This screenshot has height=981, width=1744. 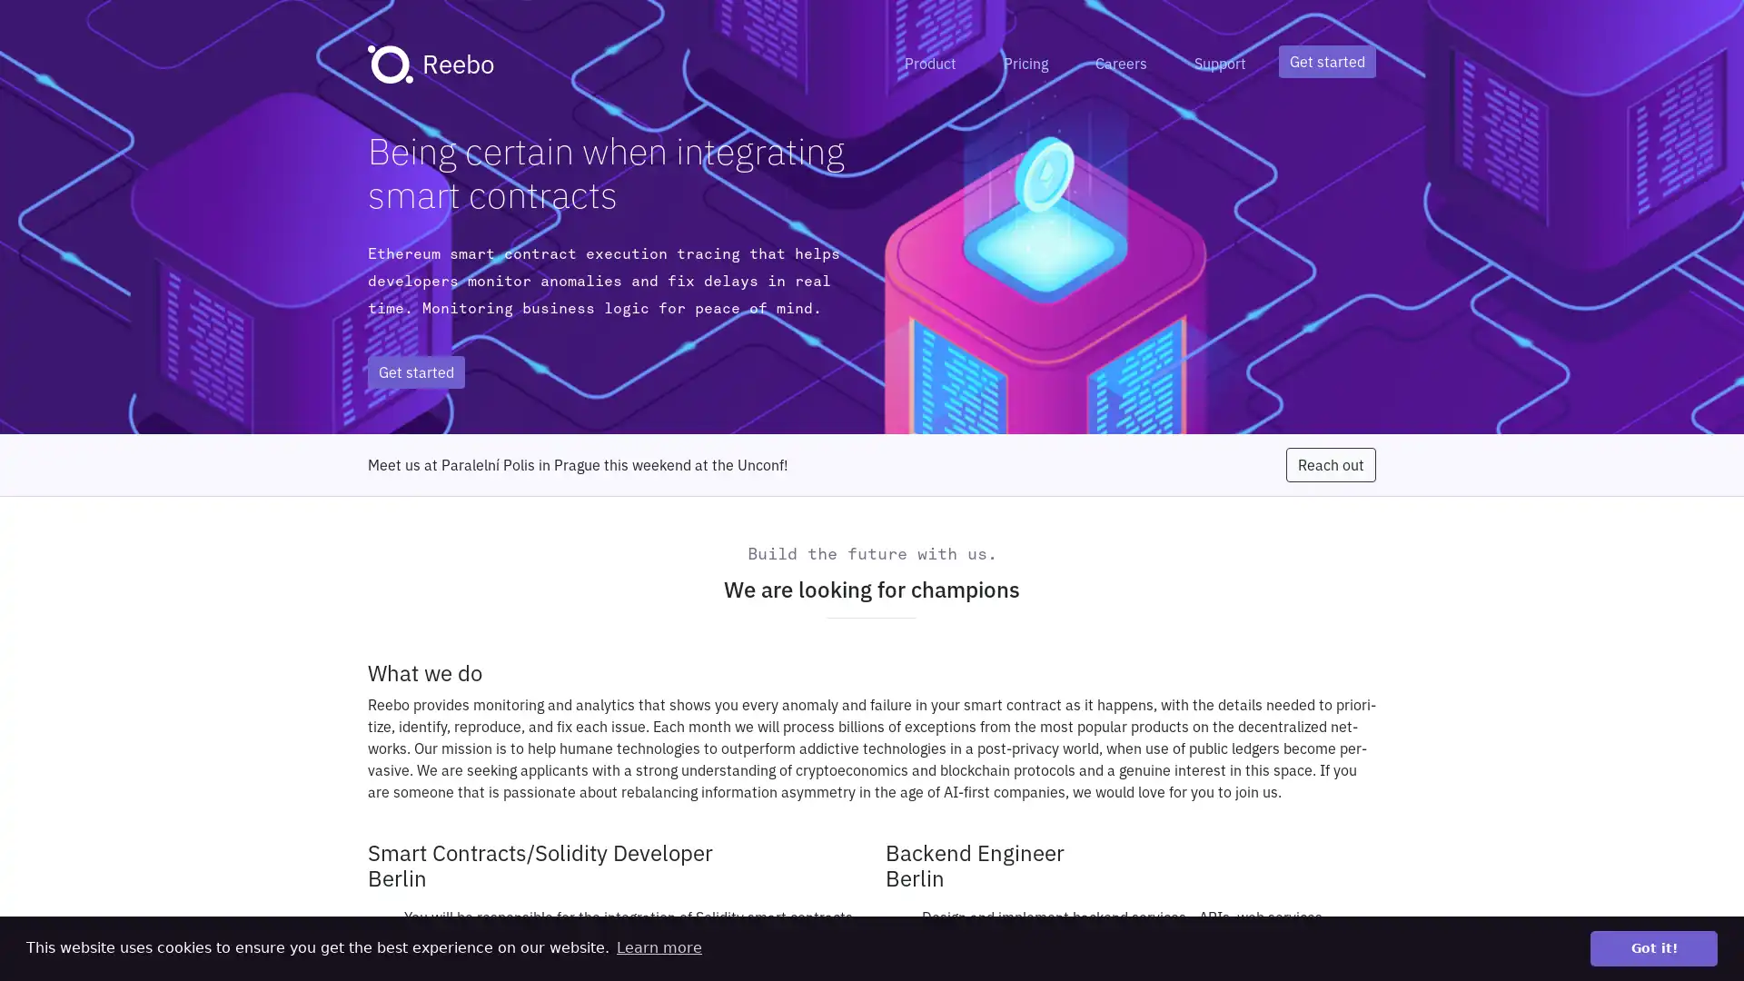 I want to click on Reach out, so click(x=1331, y=464).